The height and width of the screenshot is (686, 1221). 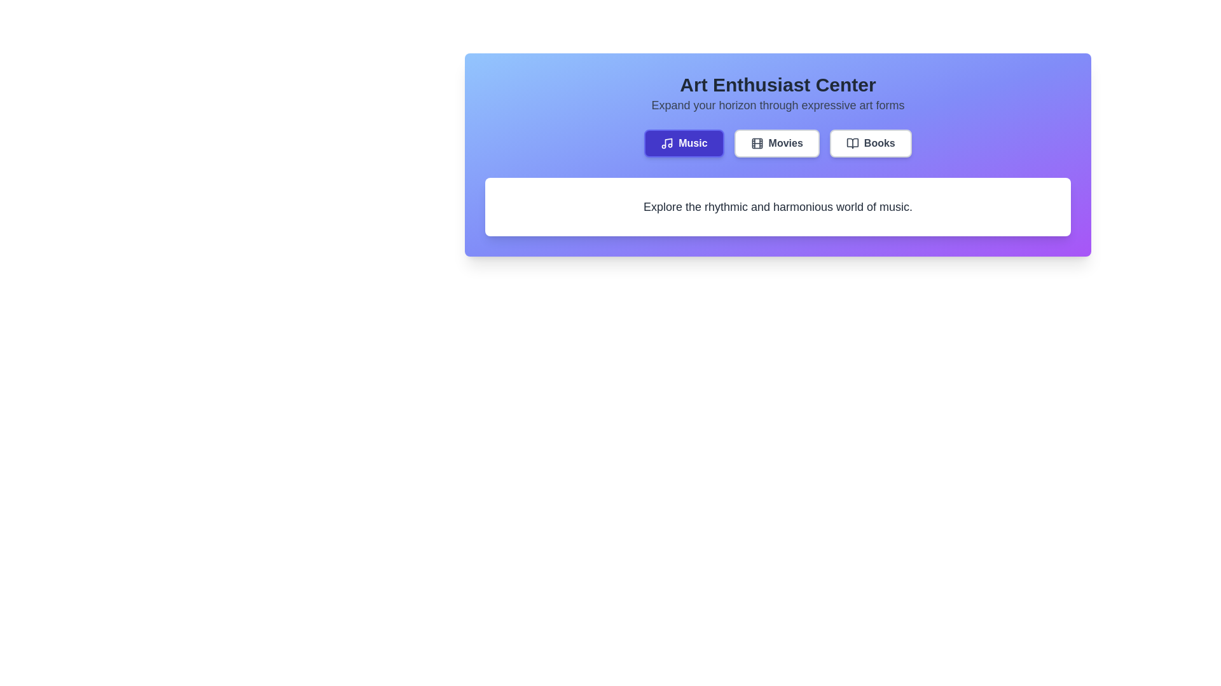 I want to click on the tab labeled Books to select it, so click(x=870, y=143).